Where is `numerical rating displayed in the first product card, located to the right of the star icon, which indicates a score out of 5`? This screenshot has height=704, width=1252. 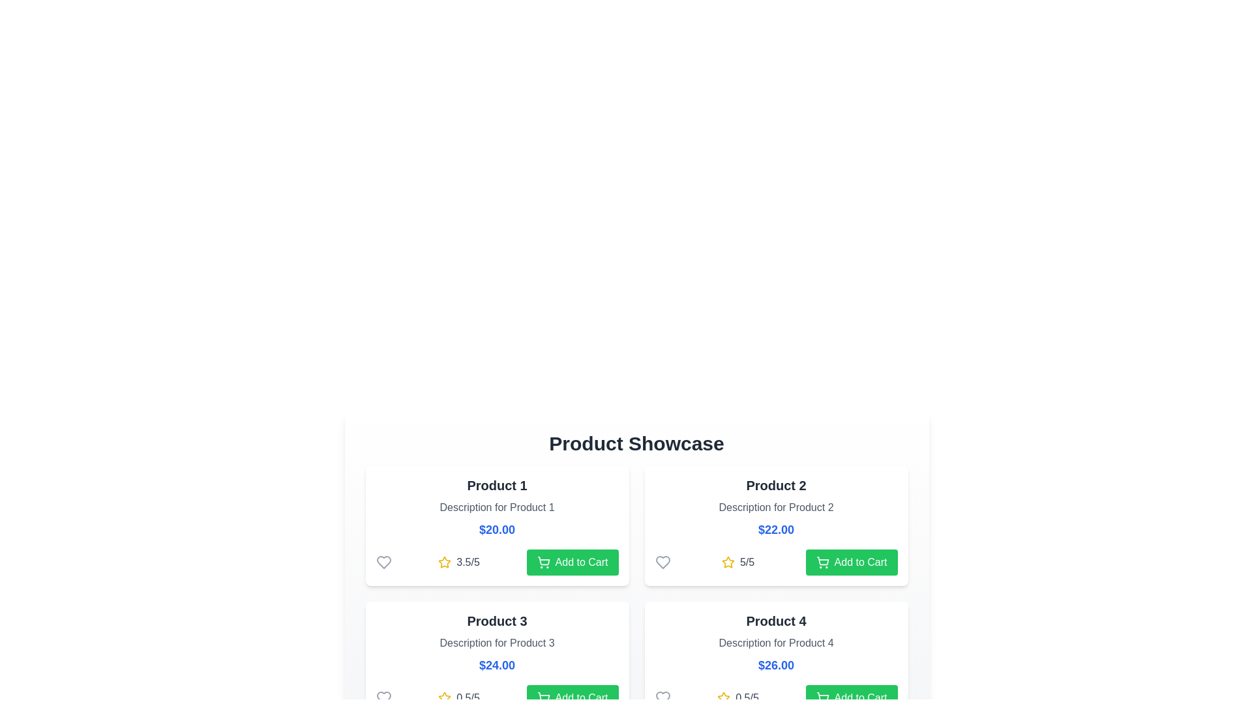 numerical rating displayed in the first product card, located to the right of the star icon, which indicates a score out of 5 is located at coordinates (468, 562).